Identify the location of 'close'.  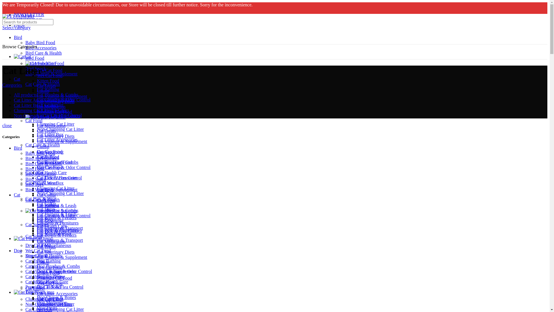
(2, 125).